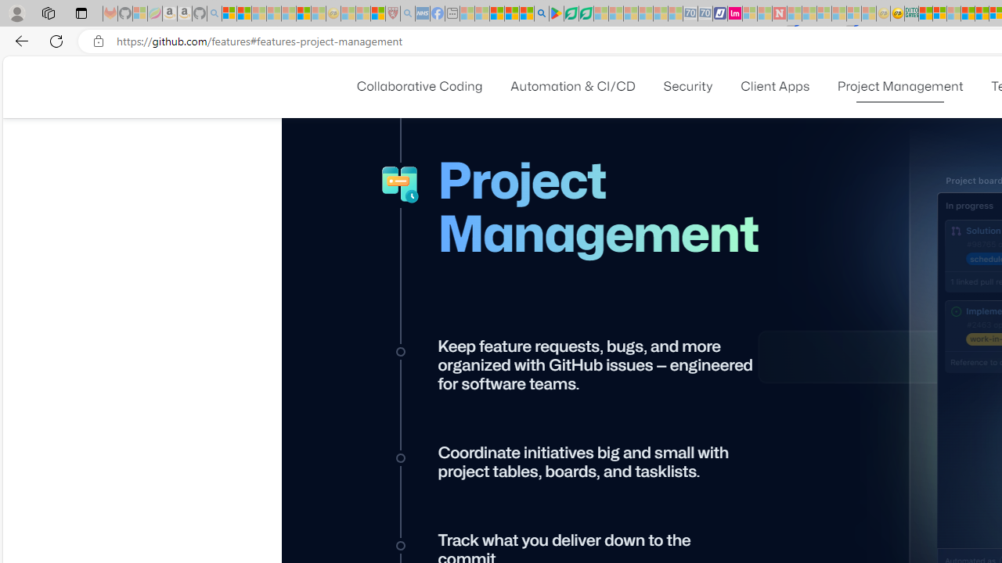  What do you see at coordinates (775, 86) in the screenshot?
I see `'Client Apps'` at bounding box center [775, 86].